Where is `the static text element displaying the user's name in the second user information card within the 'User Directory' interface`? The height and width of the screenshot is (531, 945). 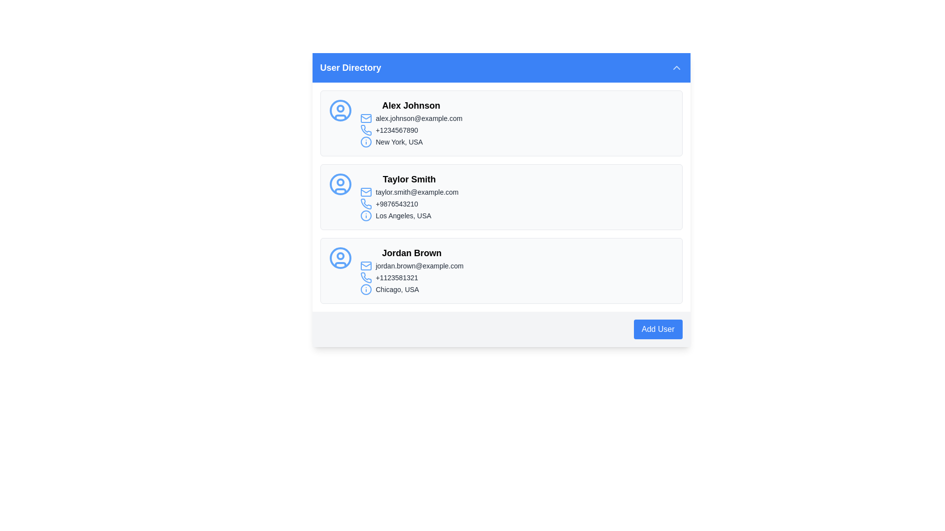 the static text element displaying the user's name in the second user information card within the 'User Directory' interface is located at coordinates (409, 179).